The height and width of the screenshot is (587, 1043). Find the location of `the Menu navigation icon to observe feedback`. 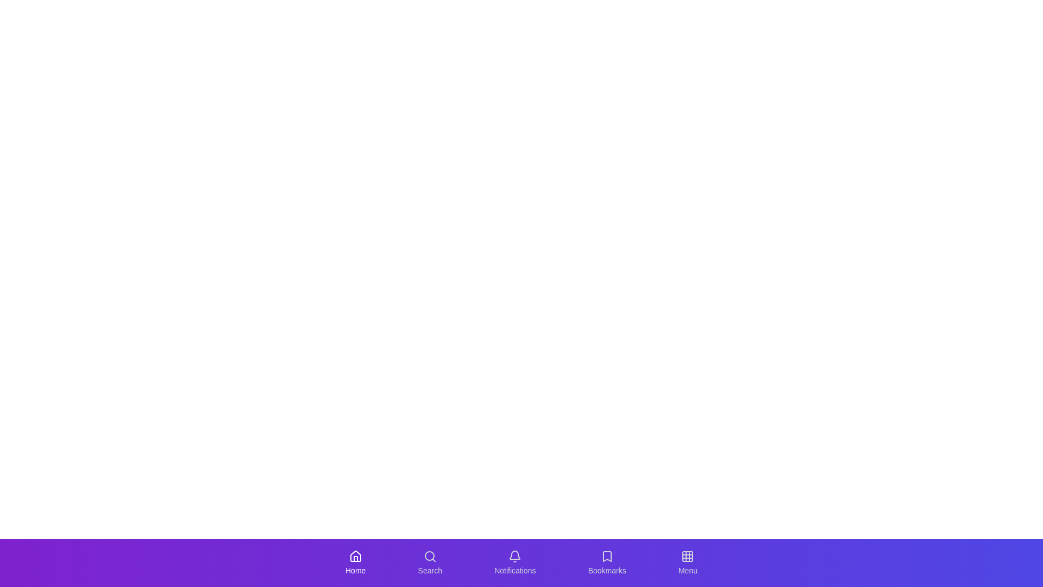

the Menu navigation icon to observe feedback is located at coordinates (687, 563).